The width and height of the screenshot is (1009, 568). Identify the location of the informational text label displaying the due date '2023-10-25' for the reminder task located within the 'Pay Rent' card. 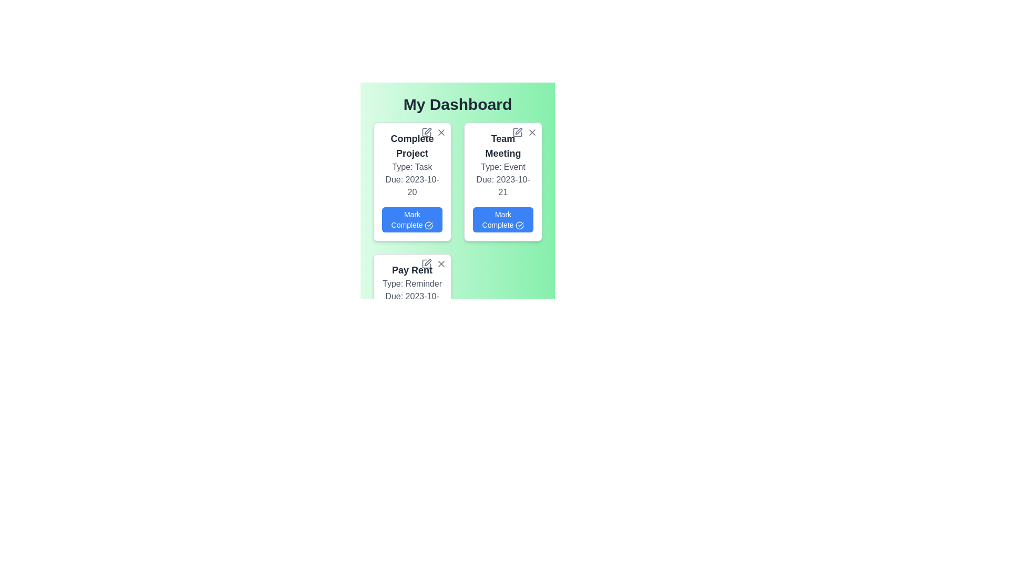
(411, 302).